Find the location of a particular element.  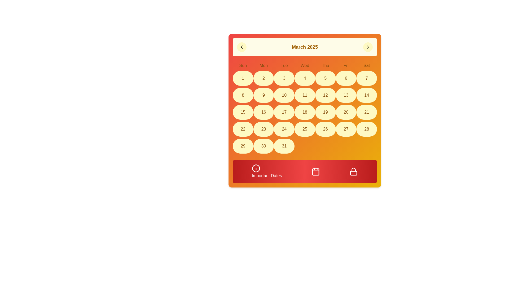

the Circular day element representing the date '10' in the calendar grid, located in the third row and third column under Tuesday is located at coordinates (284, 95).